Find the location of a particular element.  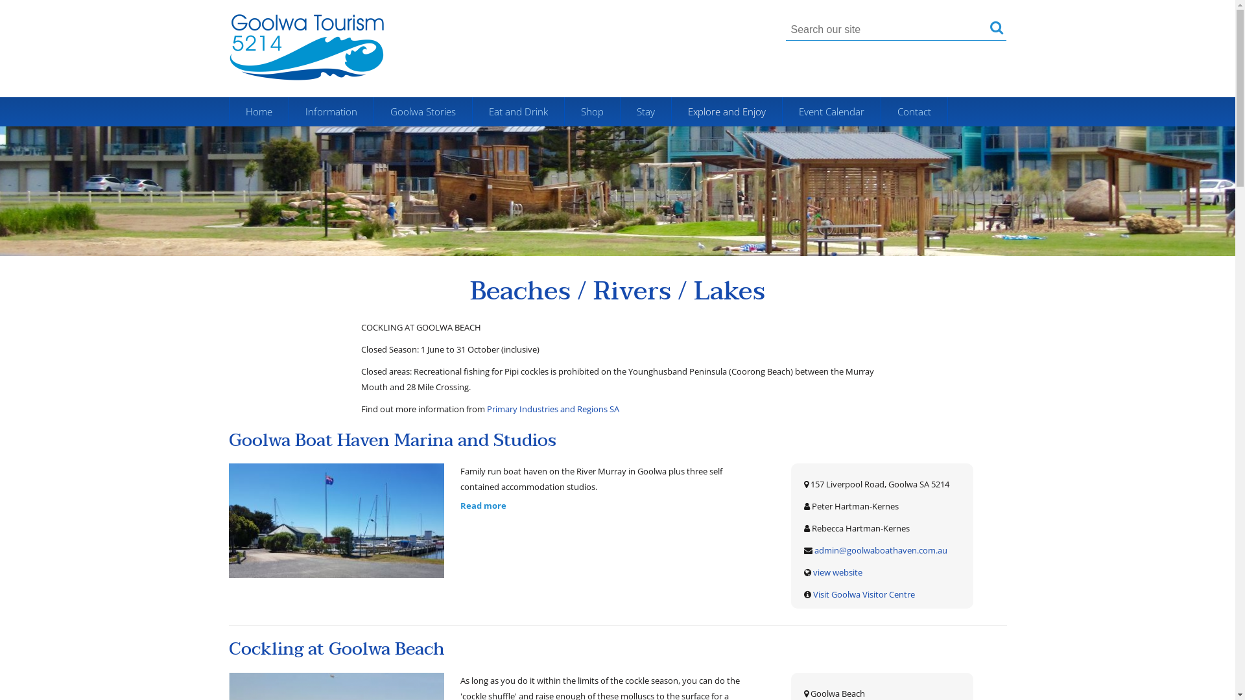

'Explore and Enjoy' is located at coordinates (727, 111).